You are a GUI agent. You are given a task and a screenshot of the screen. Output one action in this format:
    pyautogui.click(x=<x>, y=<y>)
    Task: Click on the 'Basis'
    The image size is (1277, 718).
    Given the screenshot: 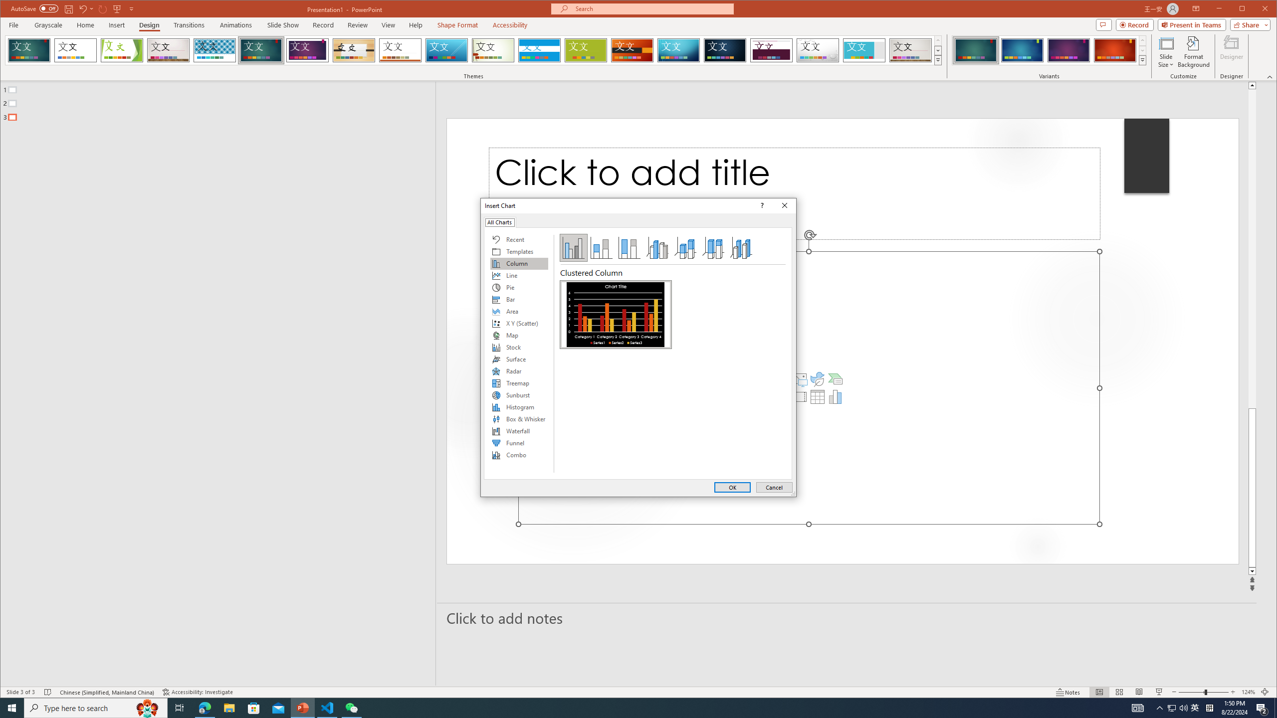 What is the action you would take?
    pyautogui.click(x=586, y=50)
    